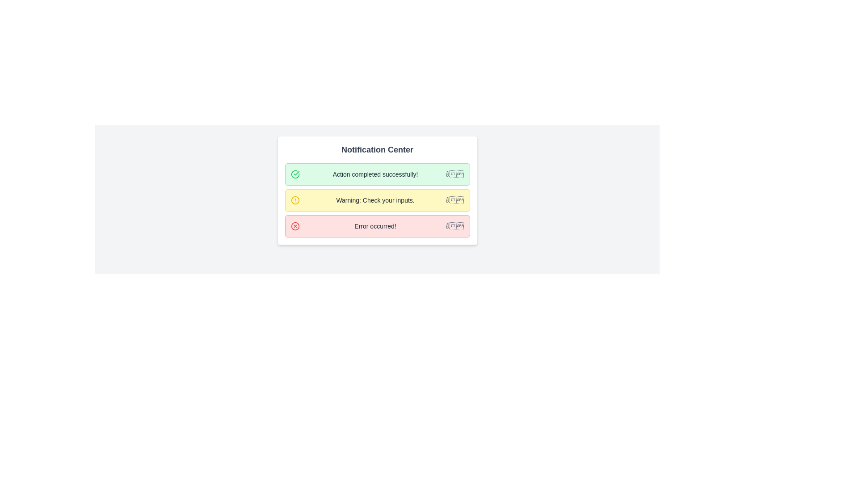 Image resolution: width=858 pixels, height=483 pixels. Describe the element at coordinates (454, 199) in the screenshot. I see `the gray 'X' button at the far right side of the yellow warning notification strip` at that location.